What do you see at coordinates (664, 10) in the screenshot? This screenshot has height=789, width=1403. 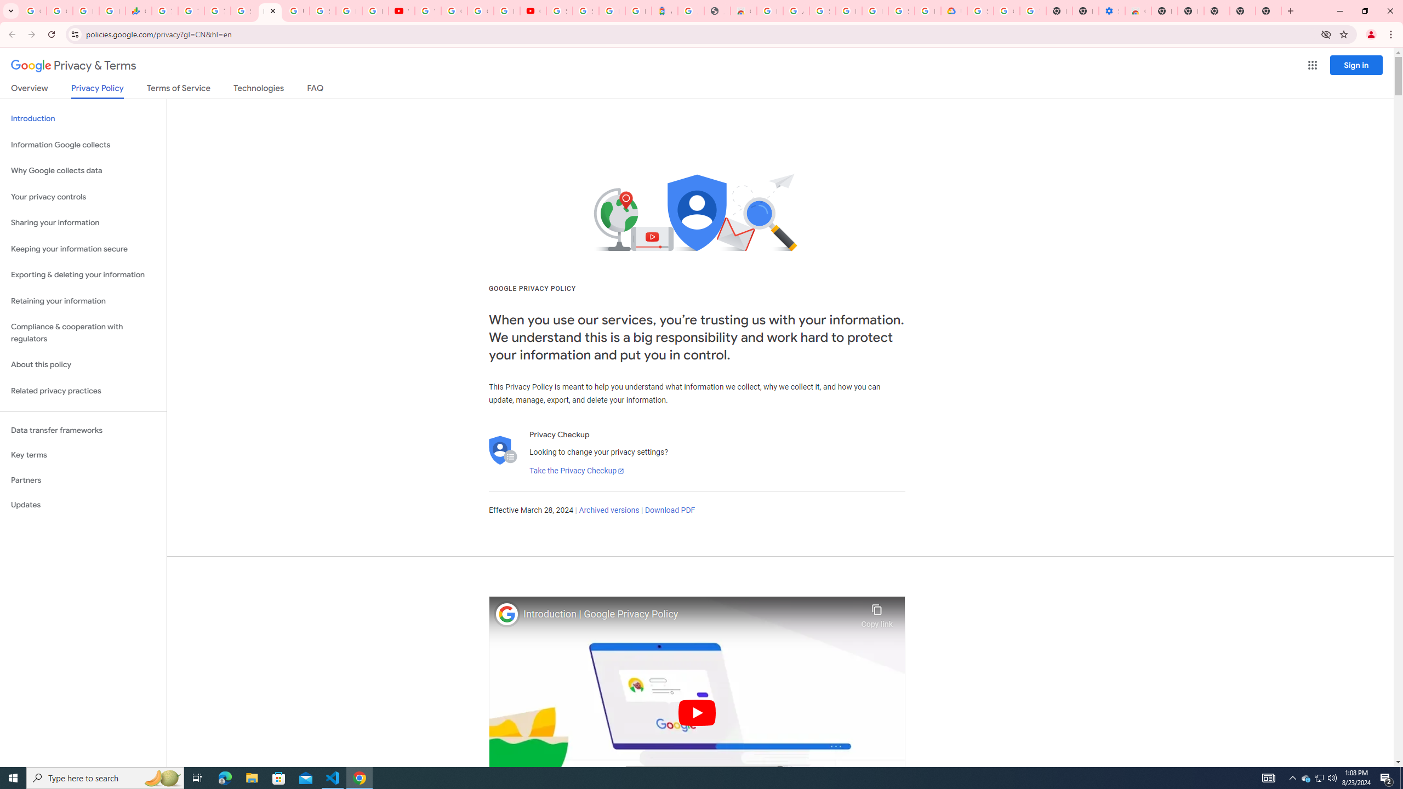 I see `'Atour Hotel - Google hotels'` at bounding box center [664, 10].